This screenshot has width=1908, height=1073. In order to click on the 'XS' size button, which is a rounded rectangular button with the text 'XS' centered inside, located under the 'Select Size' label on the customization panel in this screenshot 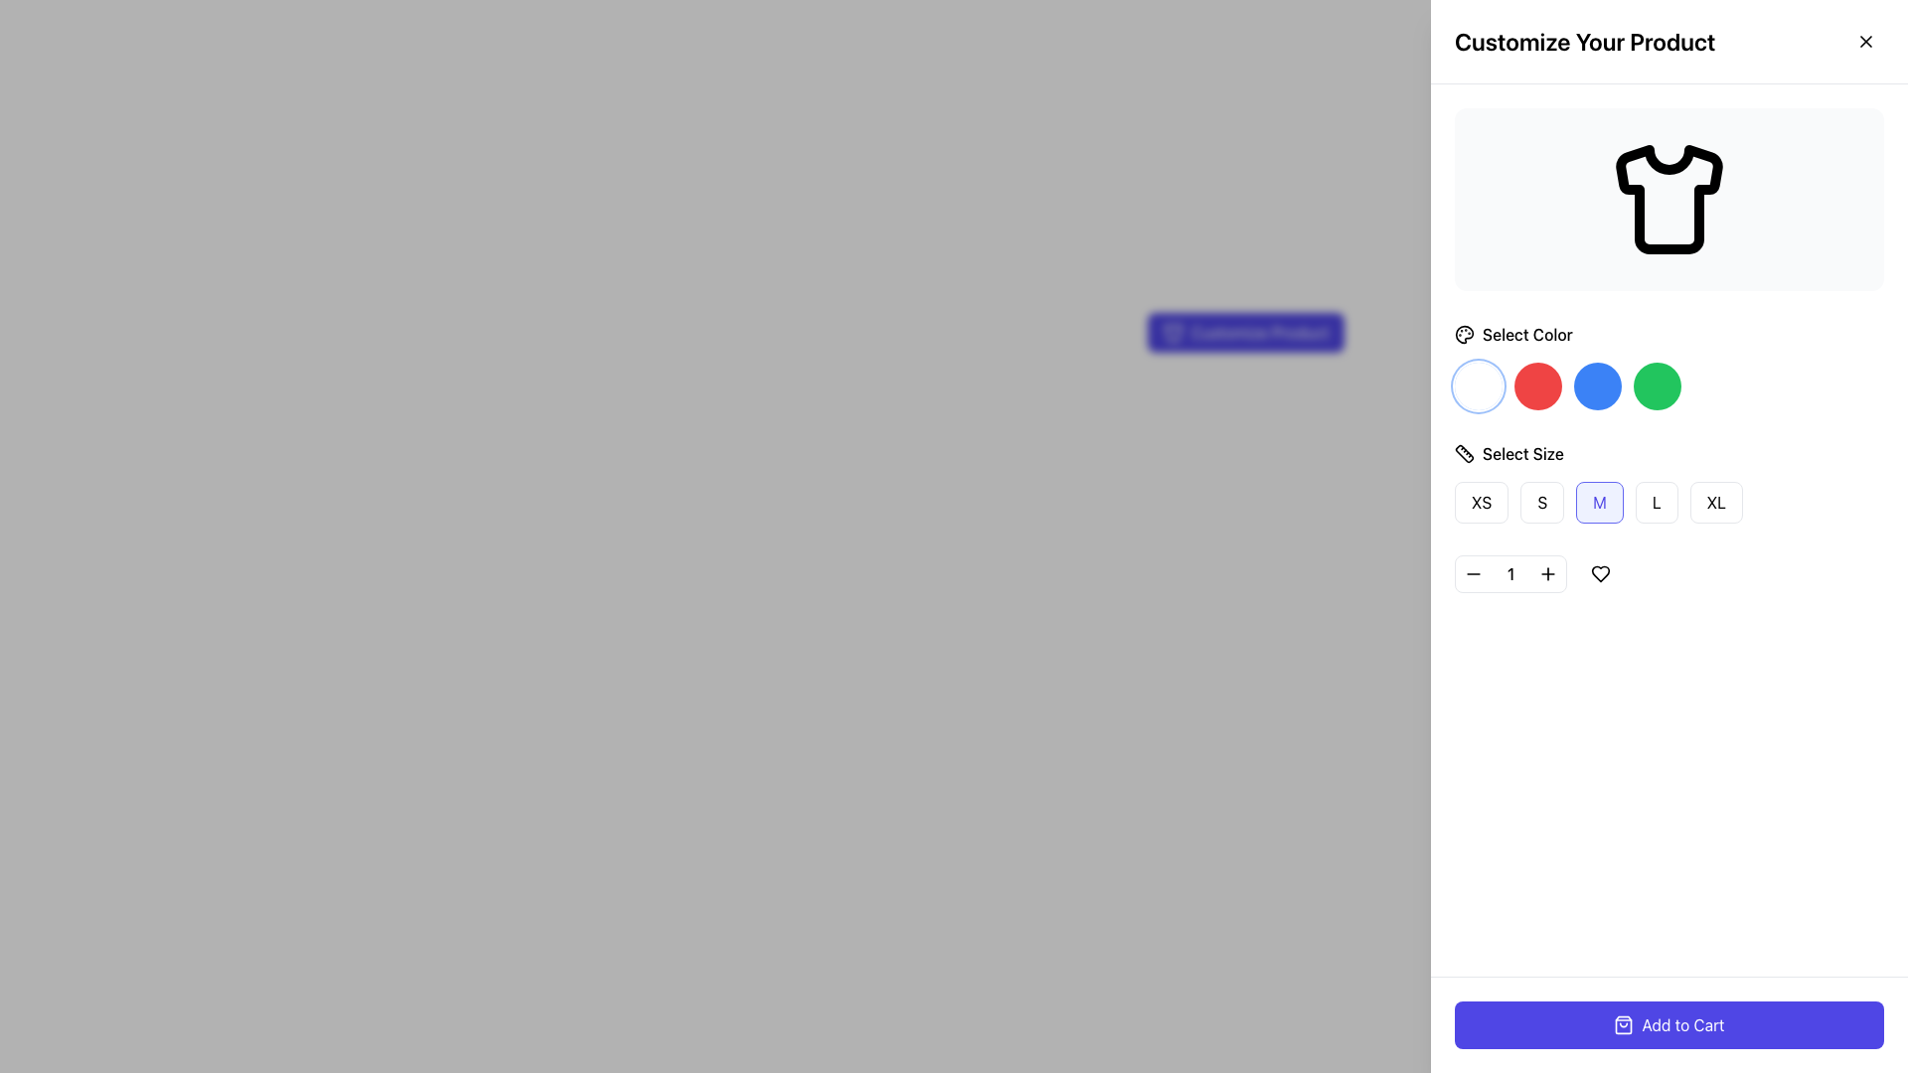, I will do `click(1482, 501)`.